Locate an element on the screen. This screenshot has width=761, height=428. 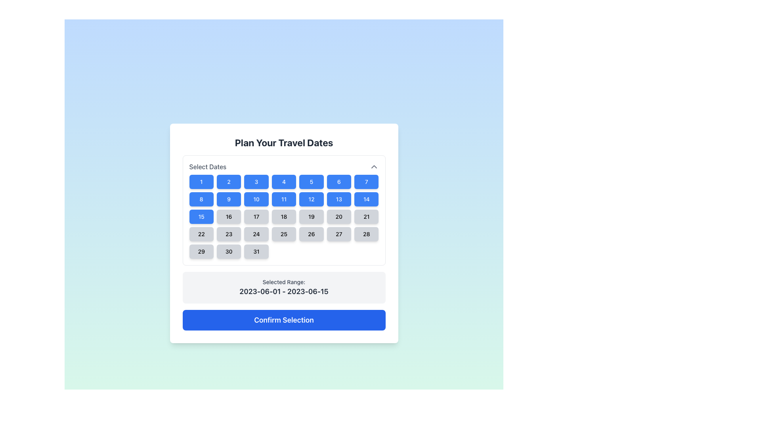
the date selection button located in the first row of the calendar grid, specifically the third button from the left, by is located at coordinates (256, 182).